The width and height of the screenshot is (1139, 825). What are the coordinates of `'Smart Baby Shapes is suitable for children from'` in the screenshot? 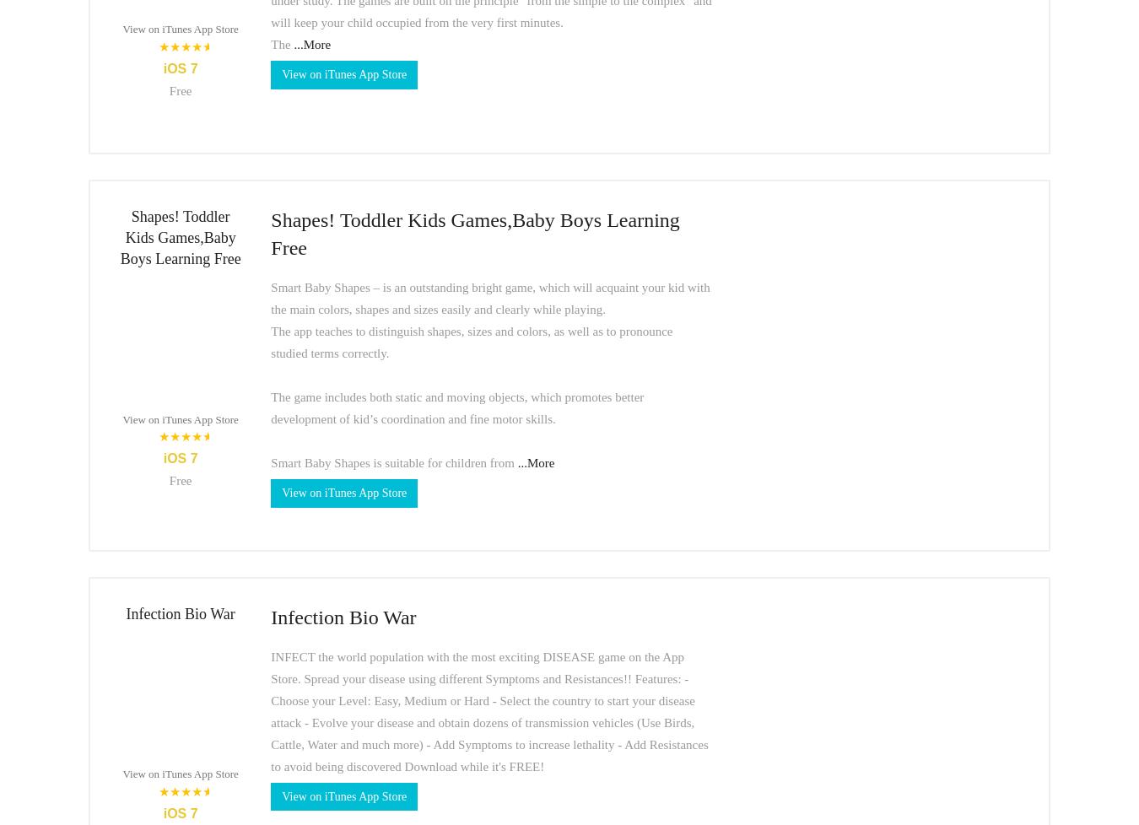 It's located at (392, 461).